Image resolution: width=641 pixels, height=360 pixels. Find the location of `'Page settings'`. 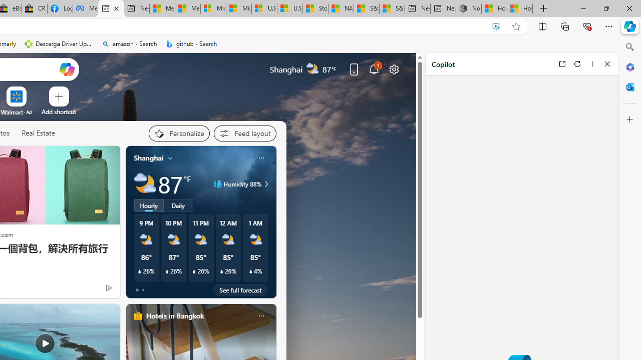

'Page settings' is located at coordinates (393, 68).